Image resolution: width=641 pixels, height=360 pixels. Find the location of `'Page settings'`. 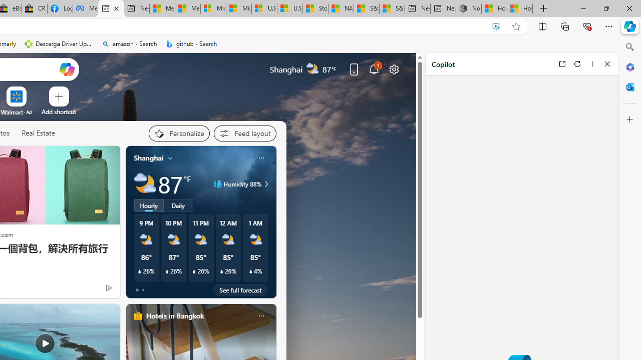

'Page settings' is located at coordinates (393, 68).